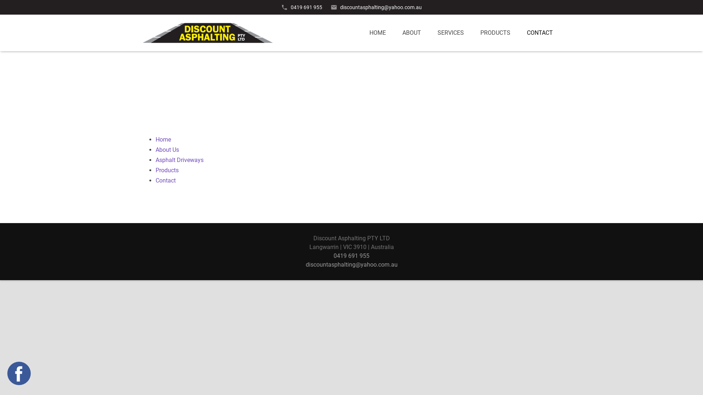 The height and width of the screenshot is (395, 703). What do you see at coordinates (450, 32) in the screenshot?
I see `'SERVICES'` at bounding box center [450, 32].